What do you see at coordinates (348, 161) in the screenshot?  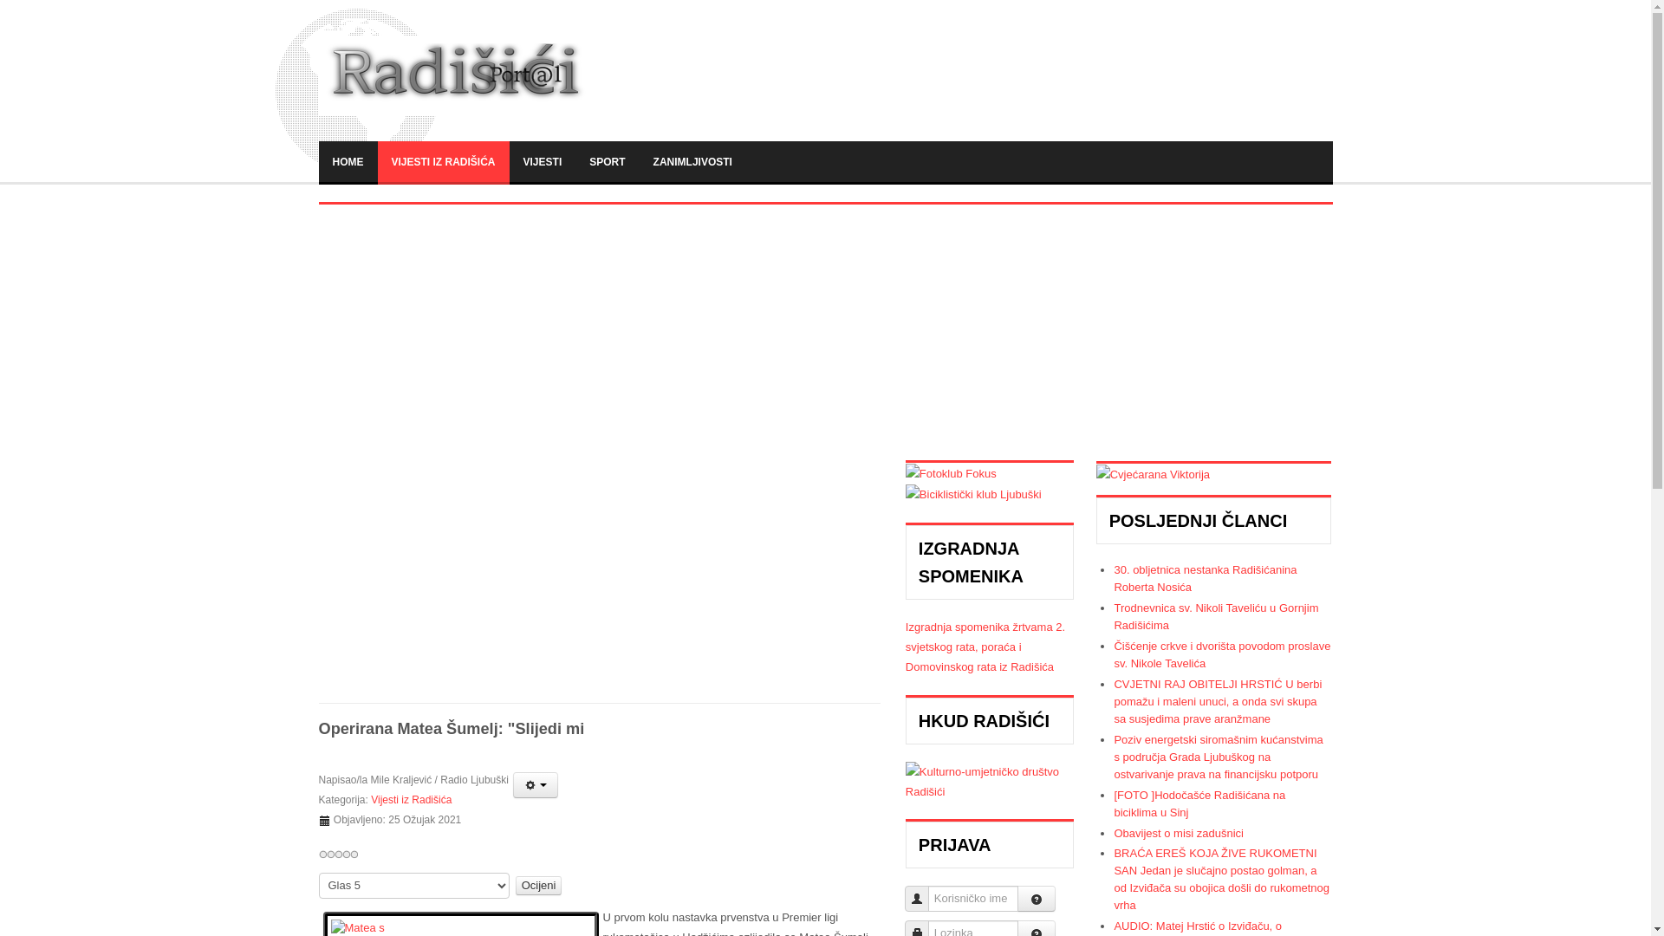 I see `'HOME'` at bounding box center [348, 161].